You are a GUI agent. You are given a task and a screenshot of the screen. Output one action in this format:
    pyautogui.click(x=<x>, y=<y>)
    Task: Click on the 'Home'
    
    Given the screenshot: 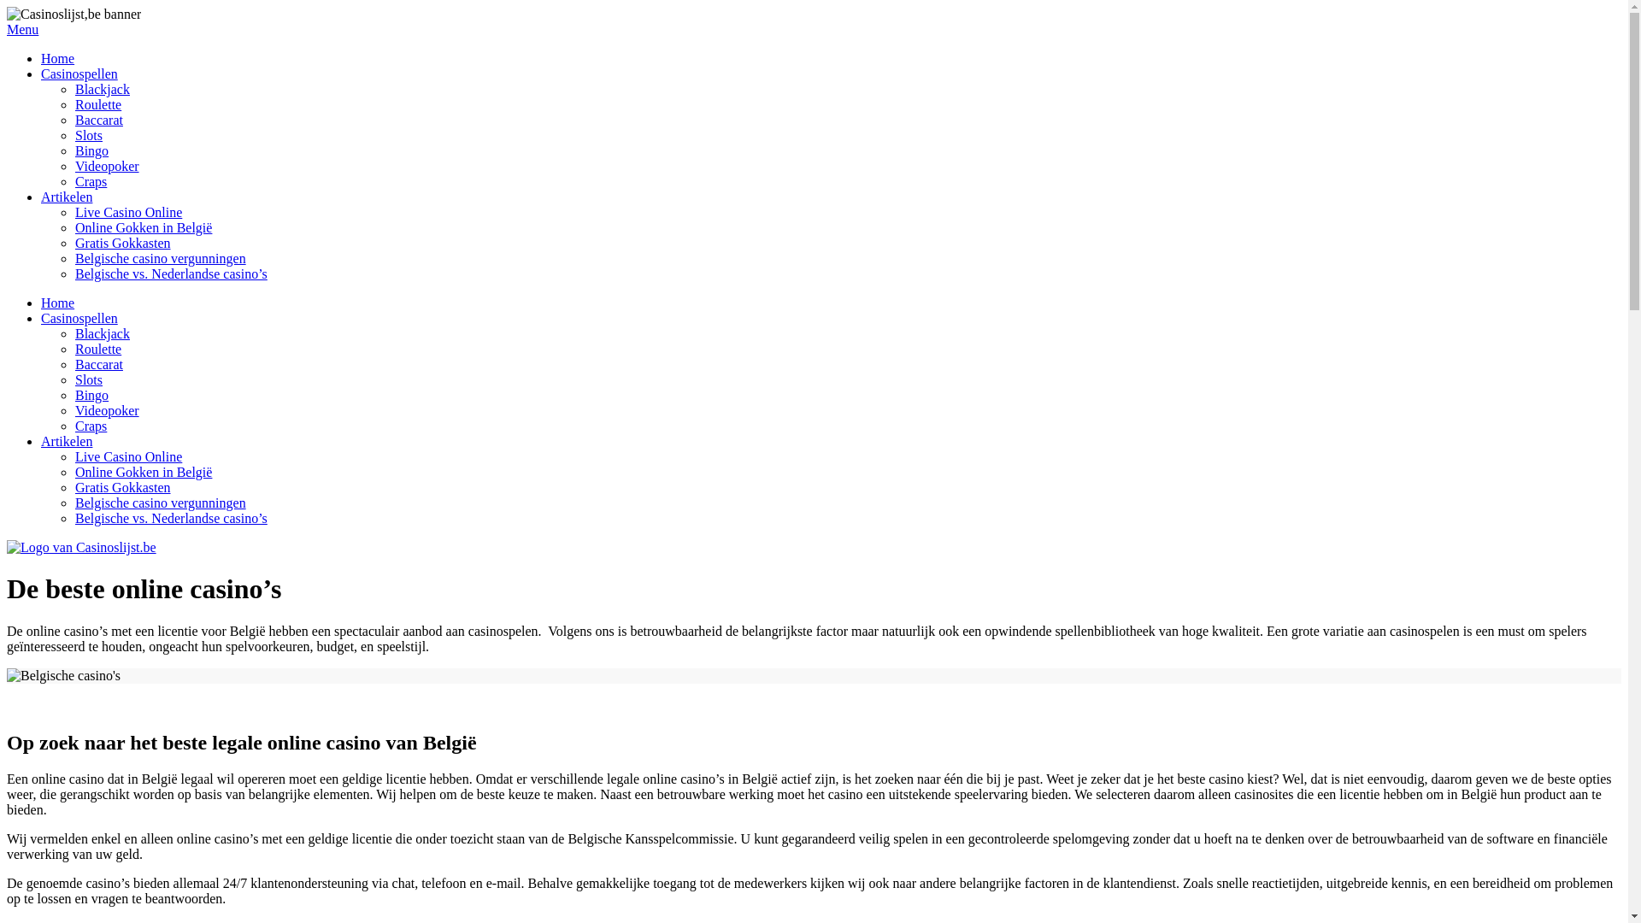 What is the action you would take?
    pyautogui.click(x=57, y=57)
    